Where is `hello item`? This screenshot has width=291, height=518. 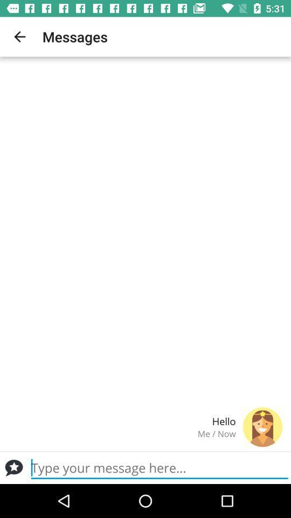 hello item is located at coordinates (121, 420).